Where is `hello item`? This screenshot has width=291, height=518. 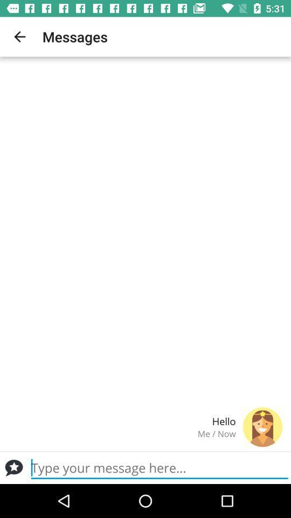 hello item is located at coordinates (121, 420).